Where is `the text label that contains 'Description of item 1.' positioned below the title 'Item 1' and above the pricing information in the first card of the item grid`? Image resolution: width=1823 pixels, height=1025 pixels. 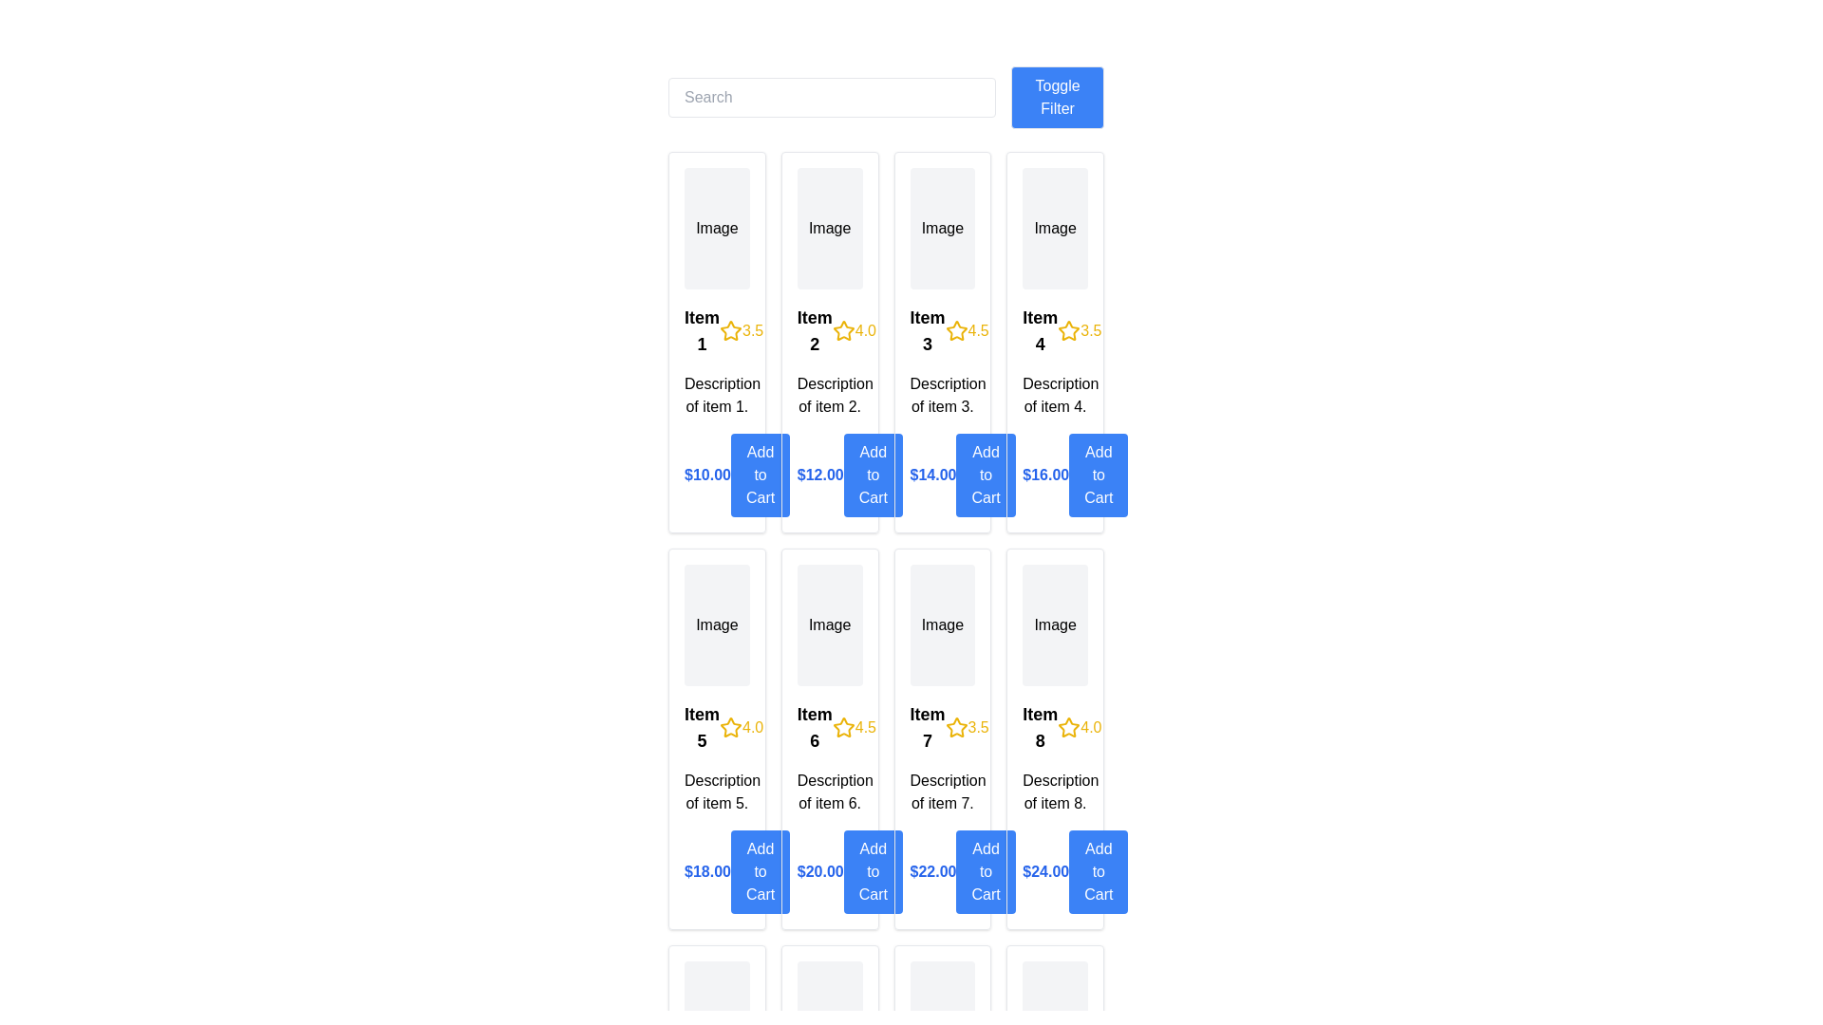 the text label that contains 'Description of item 1.' positioned below the title 'Item 1' and above the pricing information in the first card of the item grid is located at coordinates (716, 394).